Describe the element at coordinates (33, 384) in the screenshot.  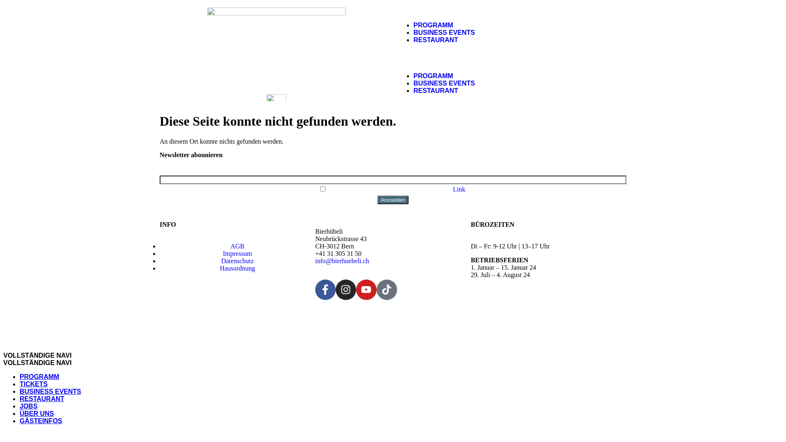
I see `'TICKETS'` at that location.